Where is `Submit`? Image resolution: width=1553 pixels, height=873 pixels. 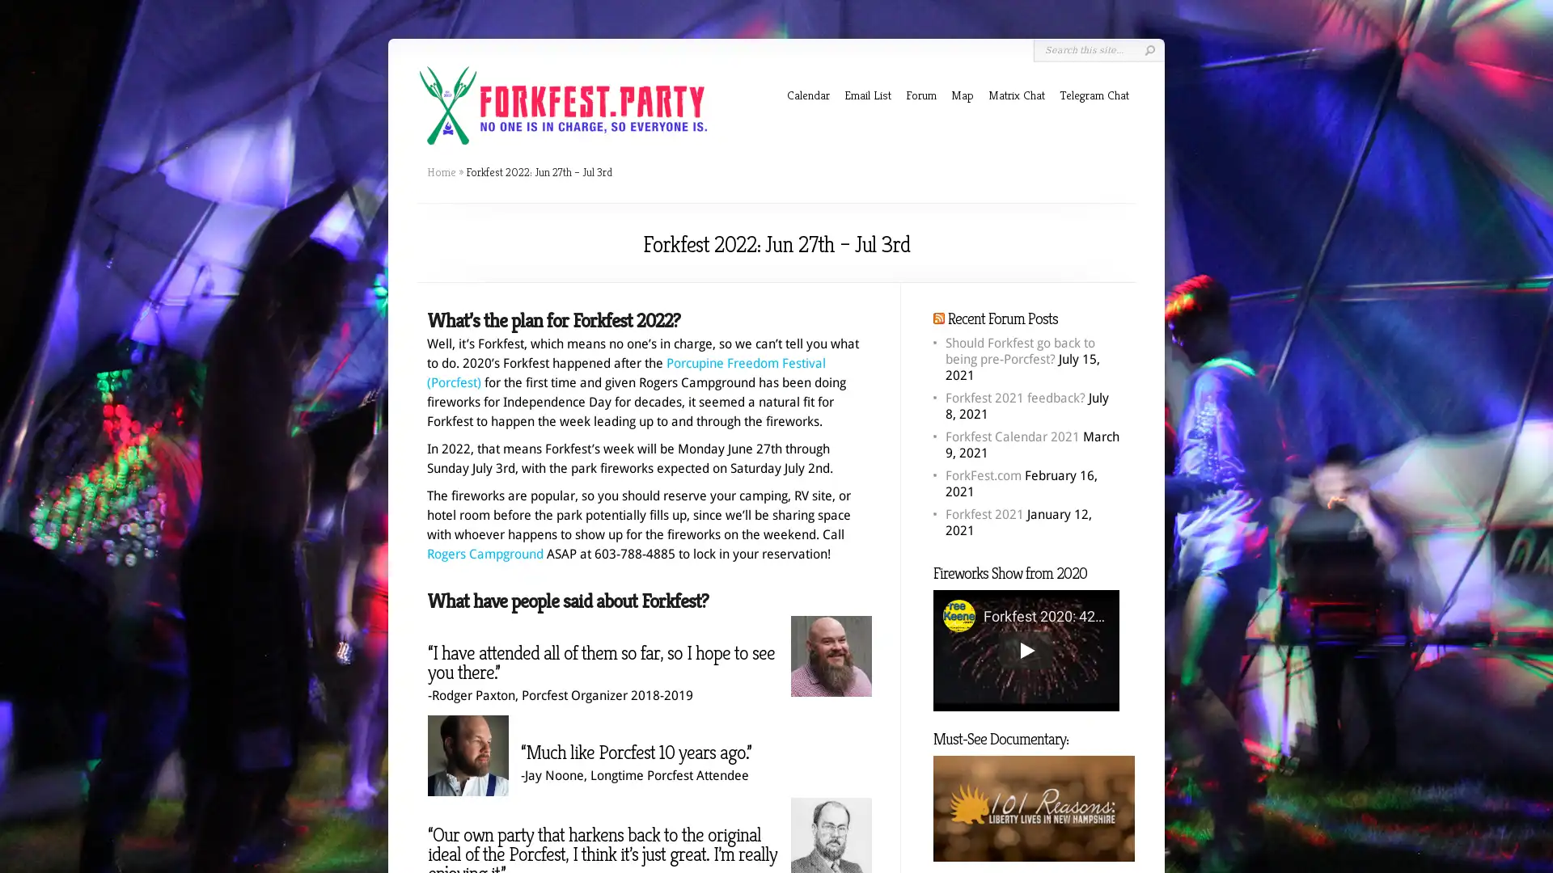 Submit is located at coordinates (1149, 49).